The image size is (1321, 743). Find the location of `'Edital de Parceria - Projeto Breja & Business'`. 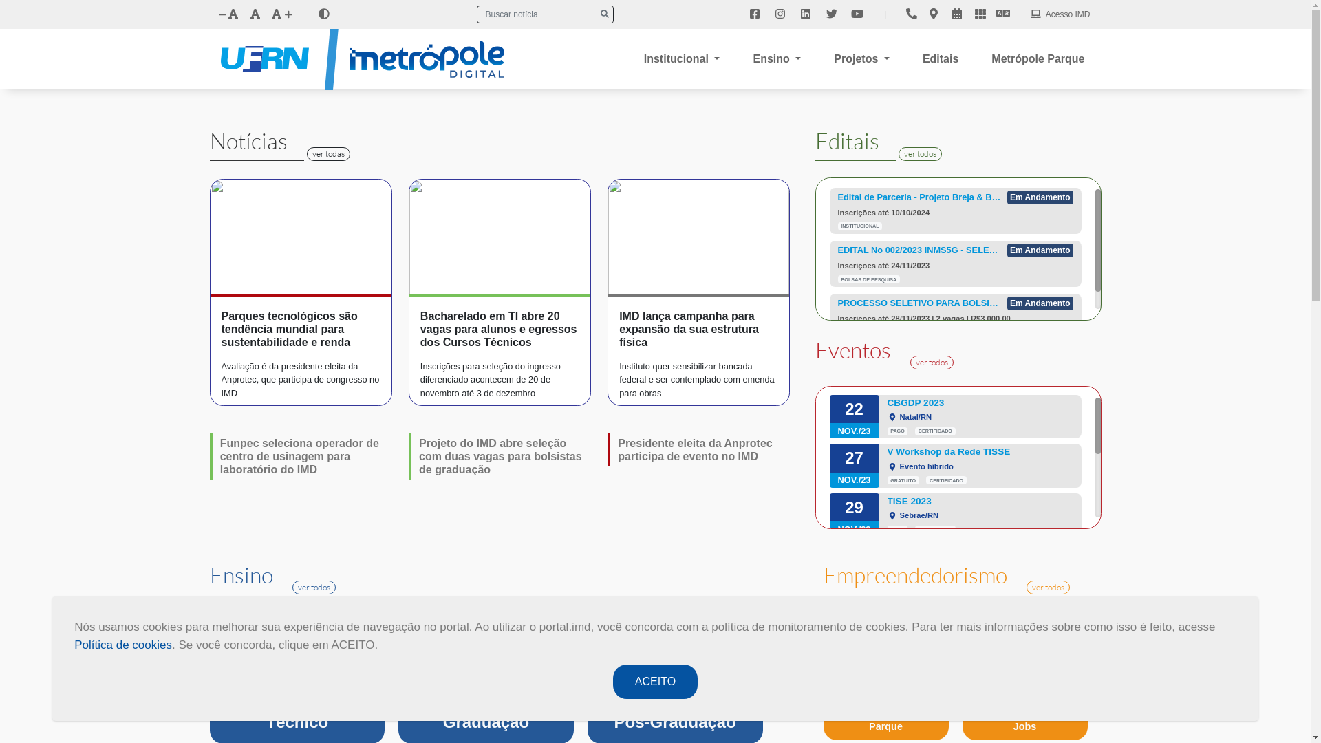

'Edital de Parceria - Projeto Breja & Business' is located at coordinates (920, 197).